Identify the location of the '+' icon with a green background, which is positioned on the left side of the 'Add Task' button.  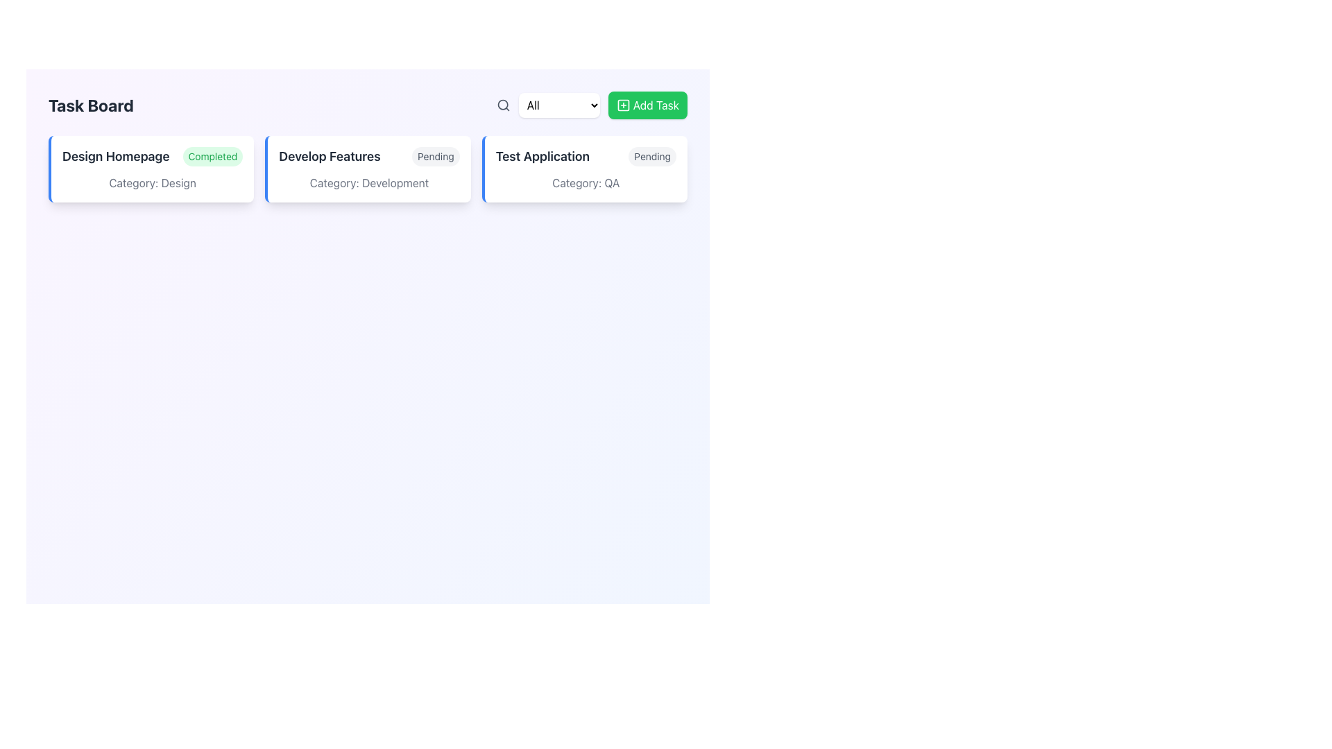
(622, 104).